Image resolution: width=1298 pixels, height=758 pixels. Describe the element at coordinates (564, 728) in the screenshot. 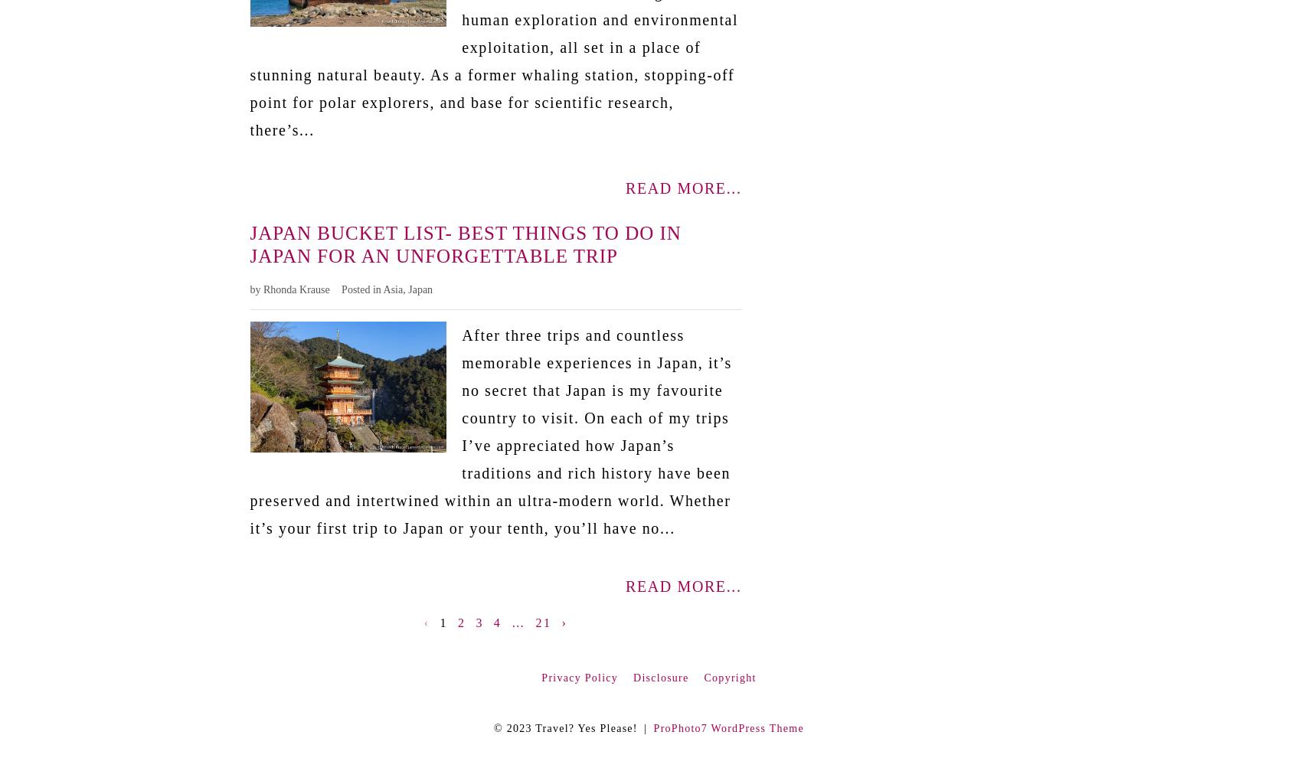

I see `'© 2023 Travel? Yes Please!'` at that location.